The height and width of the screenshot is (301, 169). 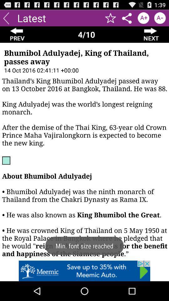 I want to click on assign a grade, so click(x=143, y=18).